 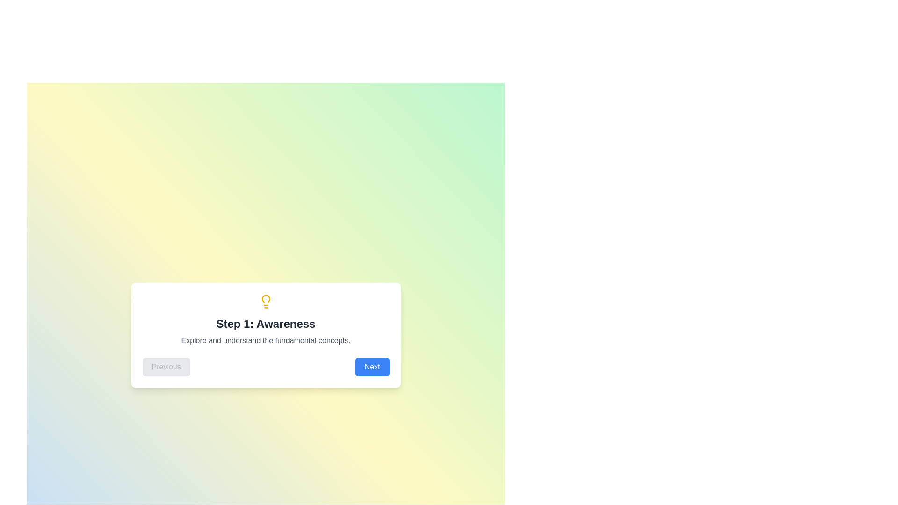 What do you see at coordinates (265, 301) in the screenshot?
I see `the step-specific icon displayed at the top of the stepper` at bounding box center [265, 301].